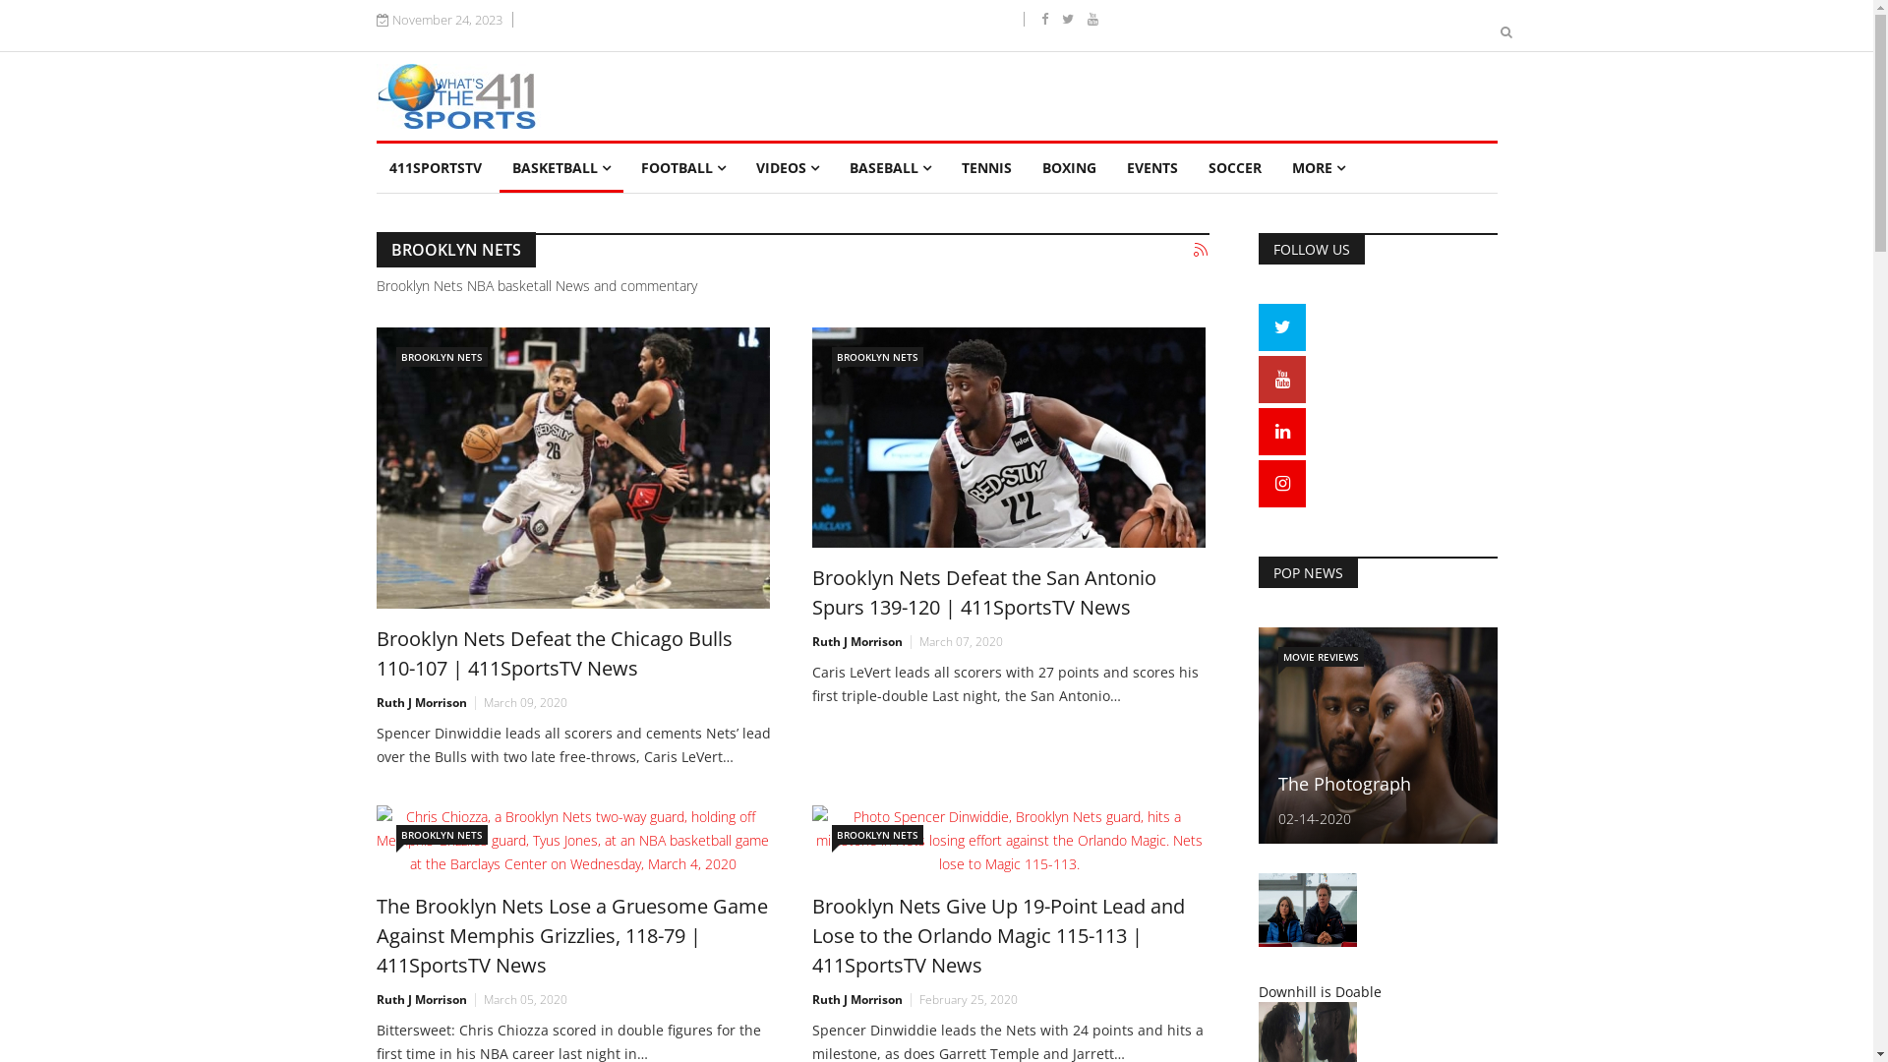 Image resolution: width=1888 pixels, height=1062 pixels. What do you see at coordinates (1234, 166) in the screenshot?
I see `'SOCCER'` at bounding box center [1234, 166].